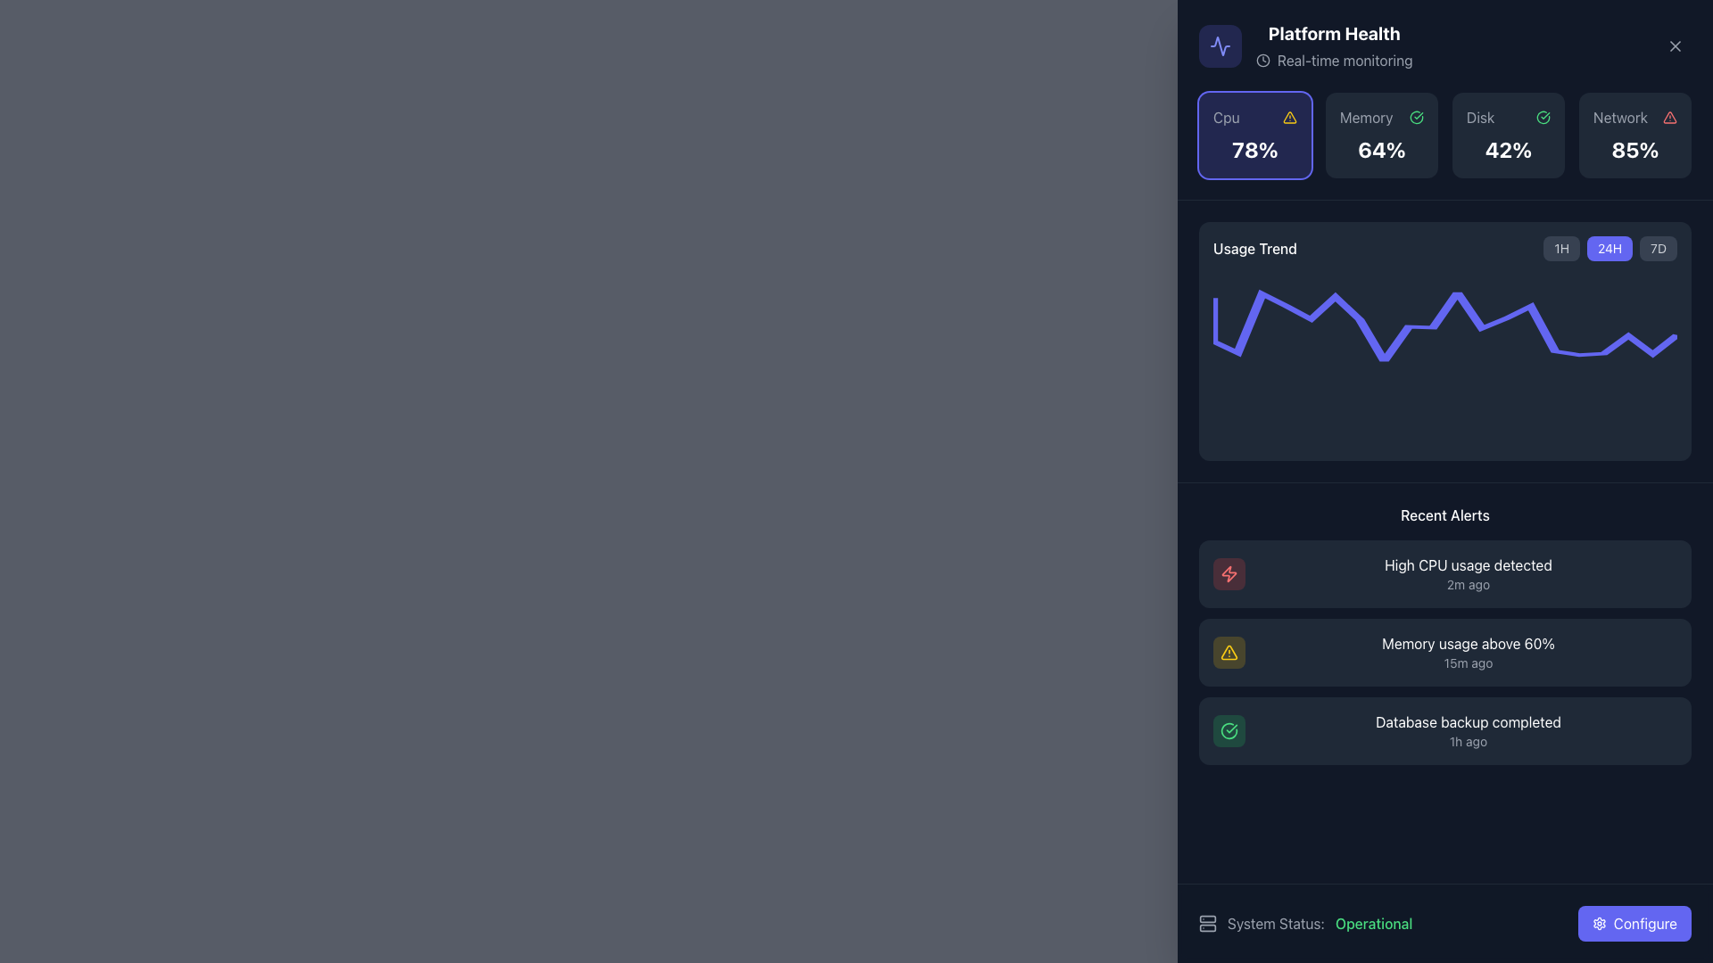 Image resolution: width=1713 pixels, height=963 pixels. I want to click on the text element that displays the percentage of memory usage, which is located centrally within the 'Memory' card, directly below the 'Memory' label, so click(1381, 149).